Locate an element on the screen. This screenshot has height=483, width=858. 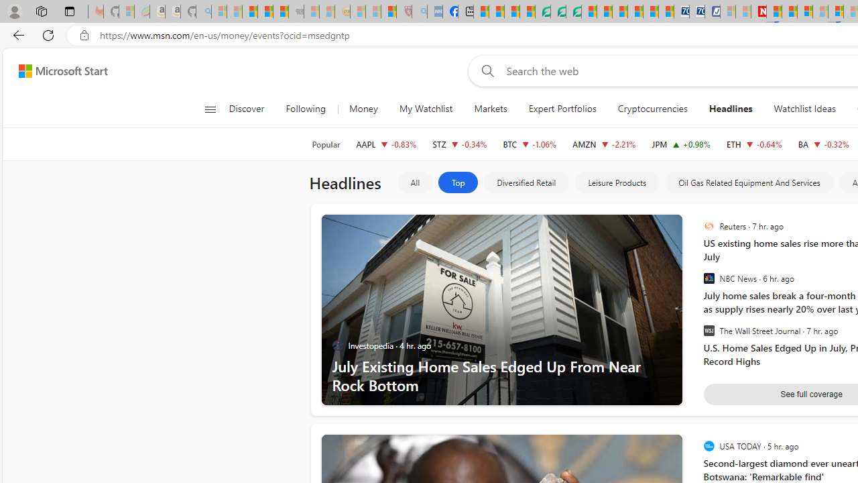
'ETH Ethereum decrease 2,624.30 -16.80 -0.64%' is located at coordinates (754, 144).